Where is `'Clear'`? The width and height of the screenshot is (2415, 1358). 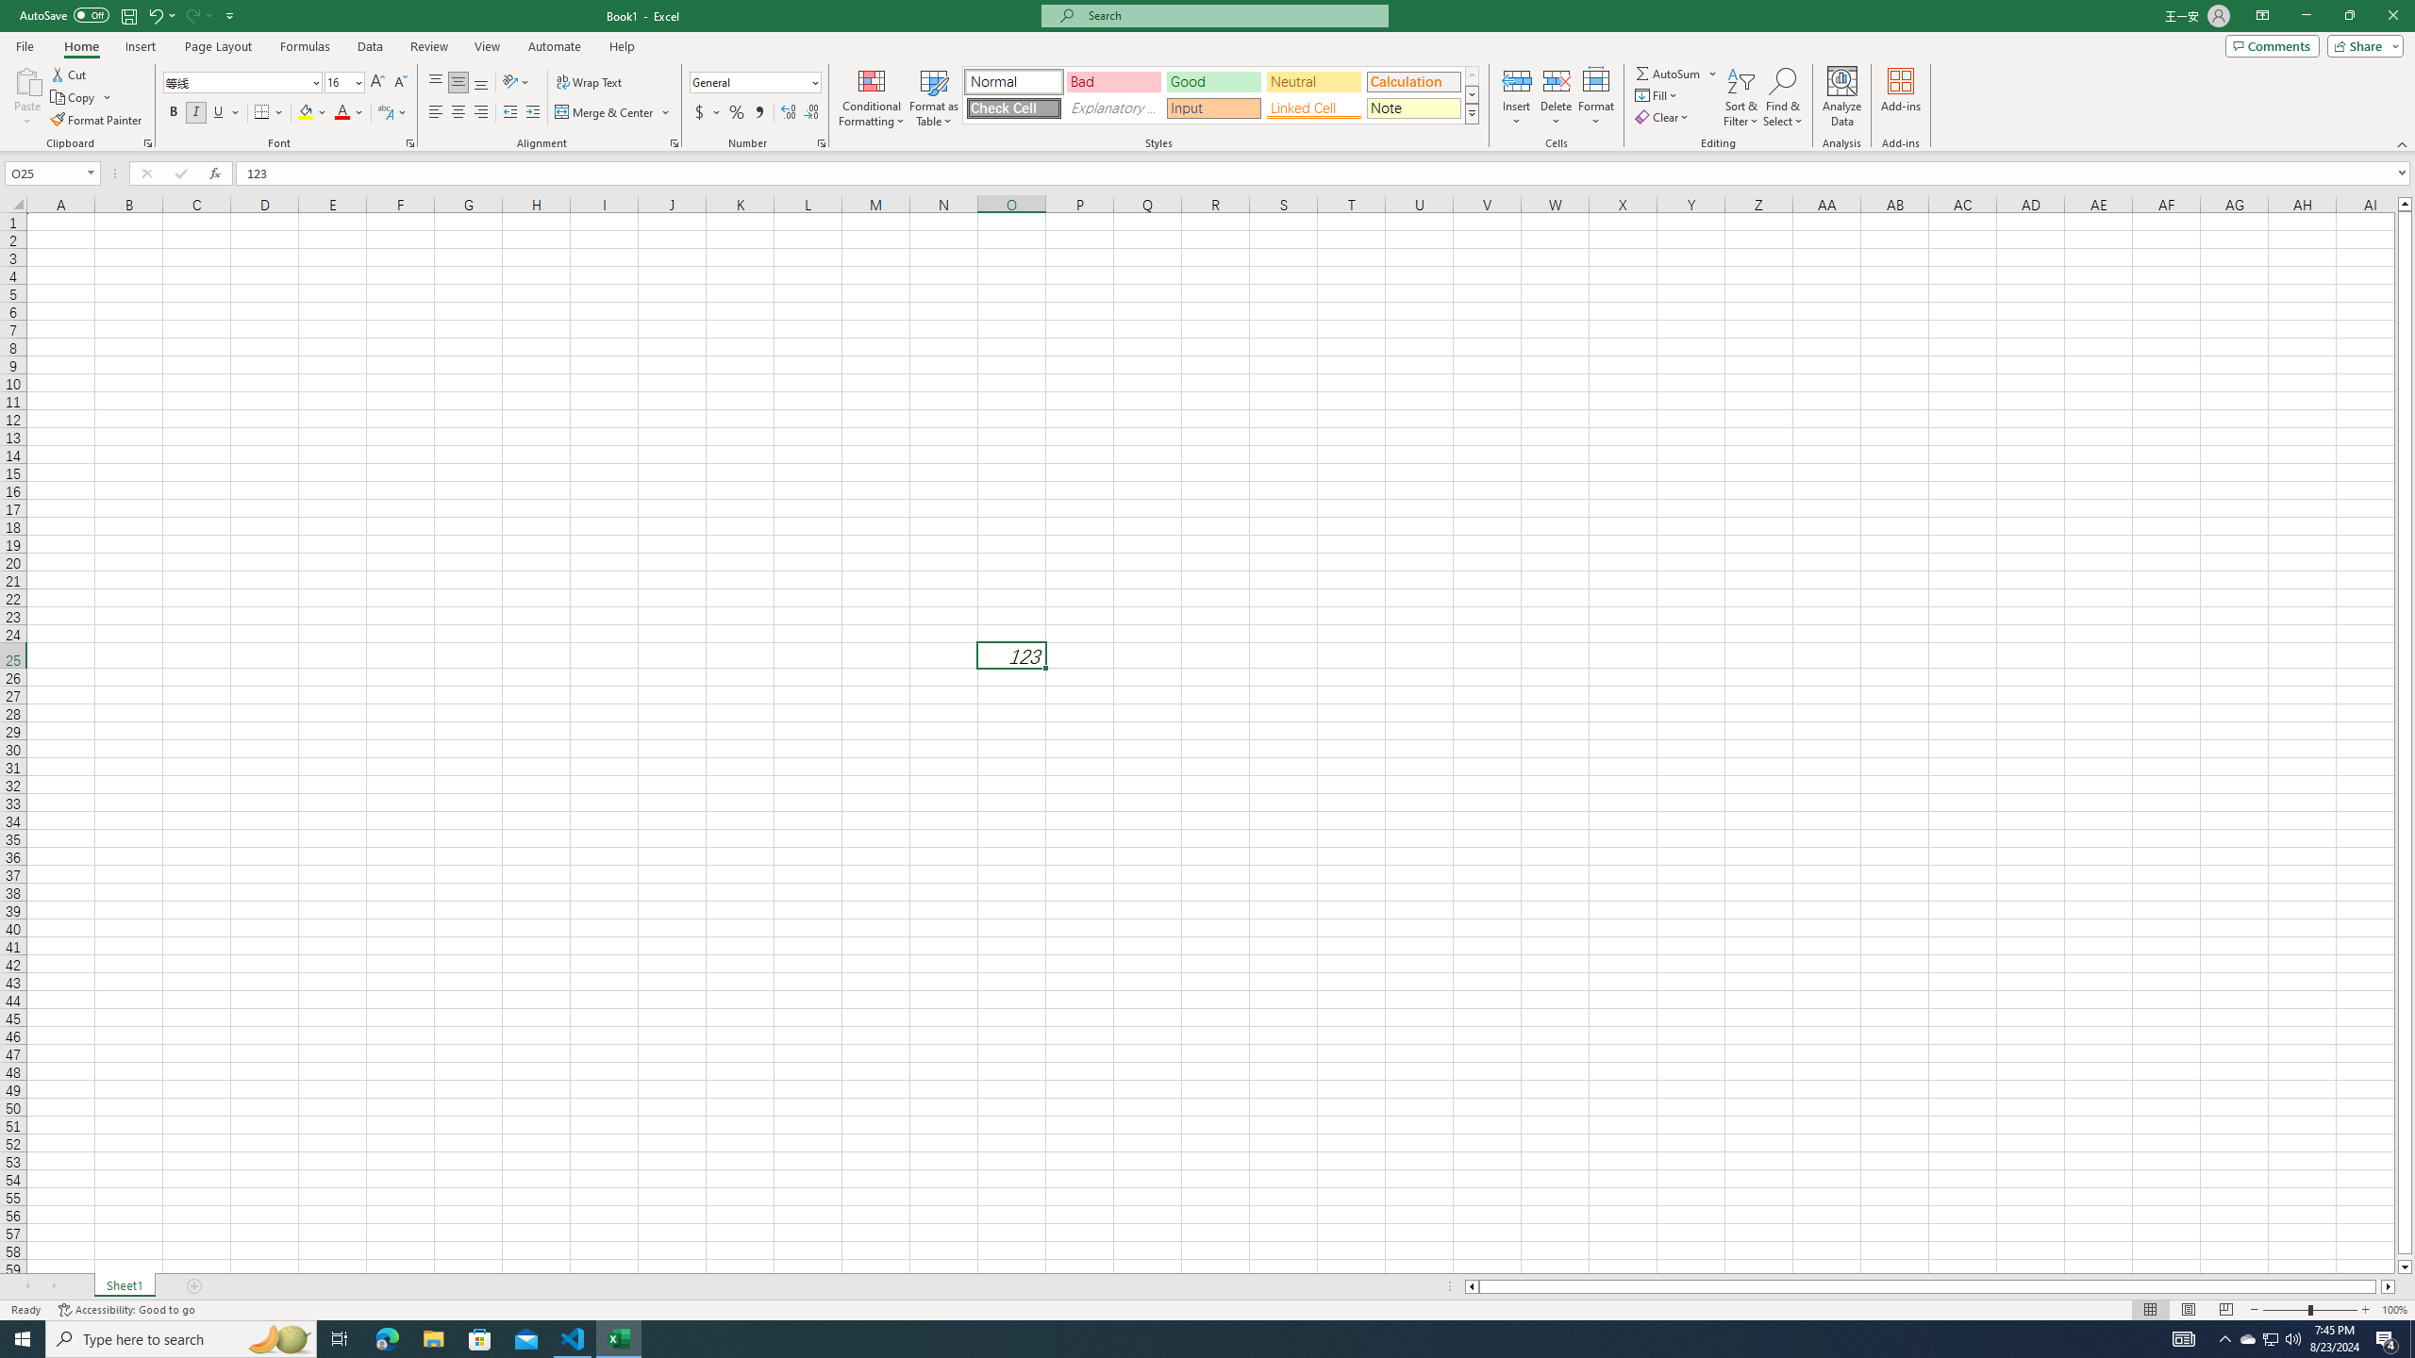
'Clear' is located at coordinates (1662, 115).